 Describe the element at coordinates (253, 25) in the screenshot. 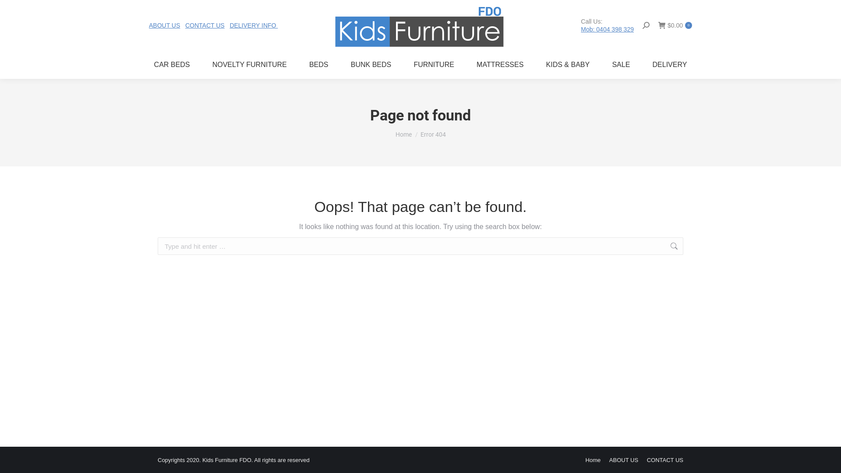

I see `'DELIVERY INFO '` at that location.